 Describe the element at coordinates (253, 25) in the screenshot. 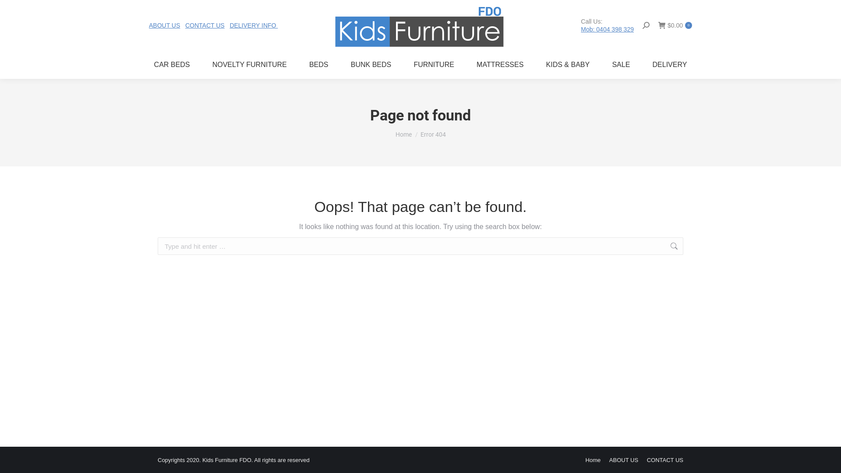

I see `'DELIVERY INFO '` at that location.